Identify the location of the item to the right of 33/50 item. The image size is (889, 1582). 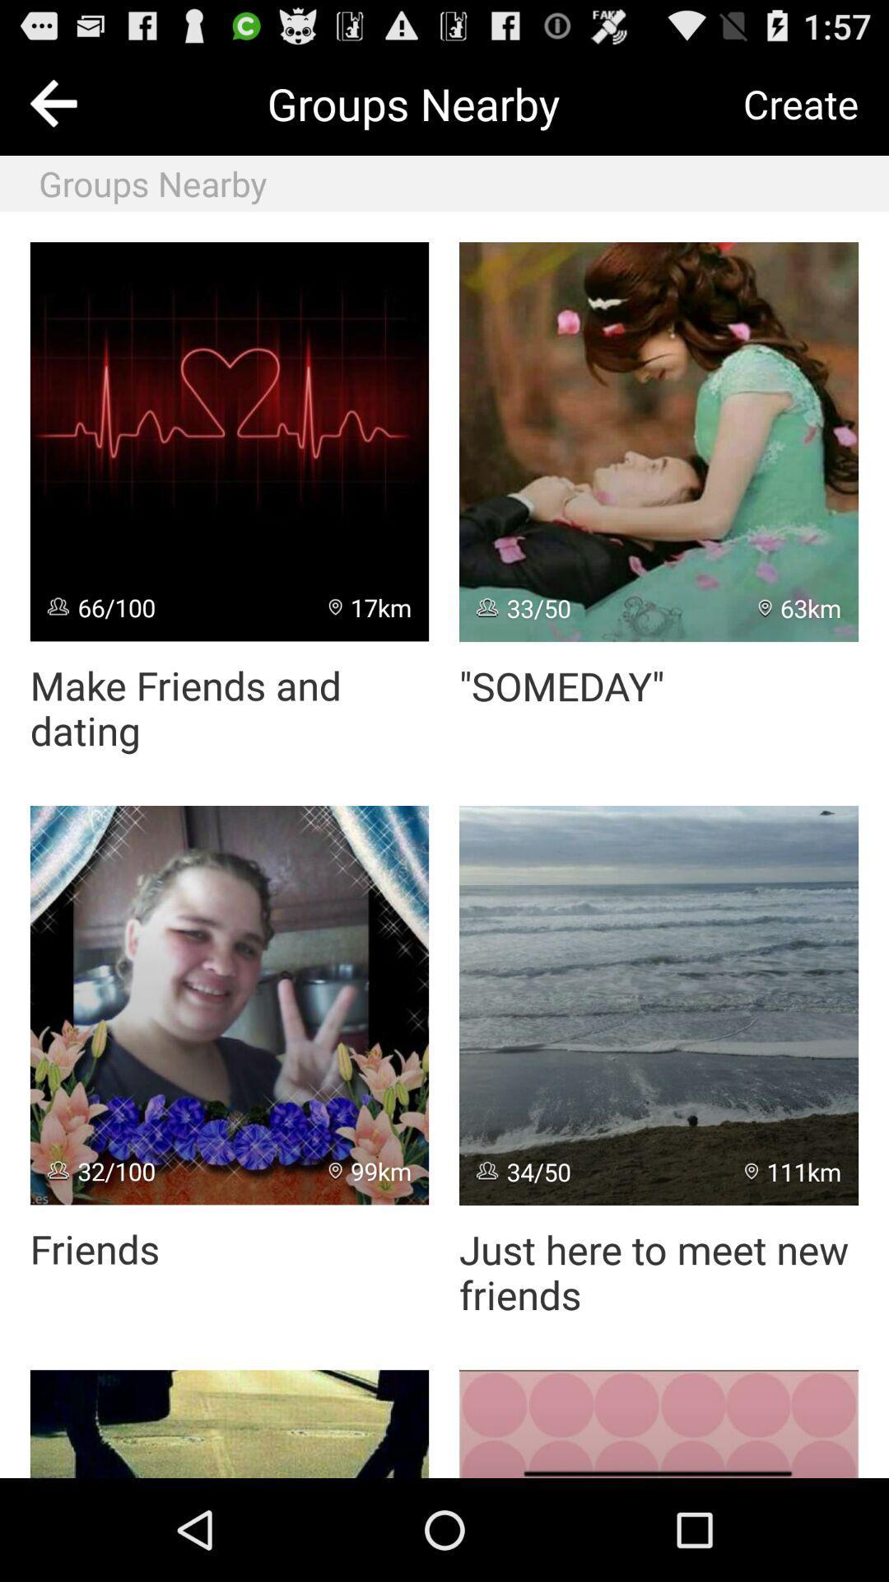
(799, 607).